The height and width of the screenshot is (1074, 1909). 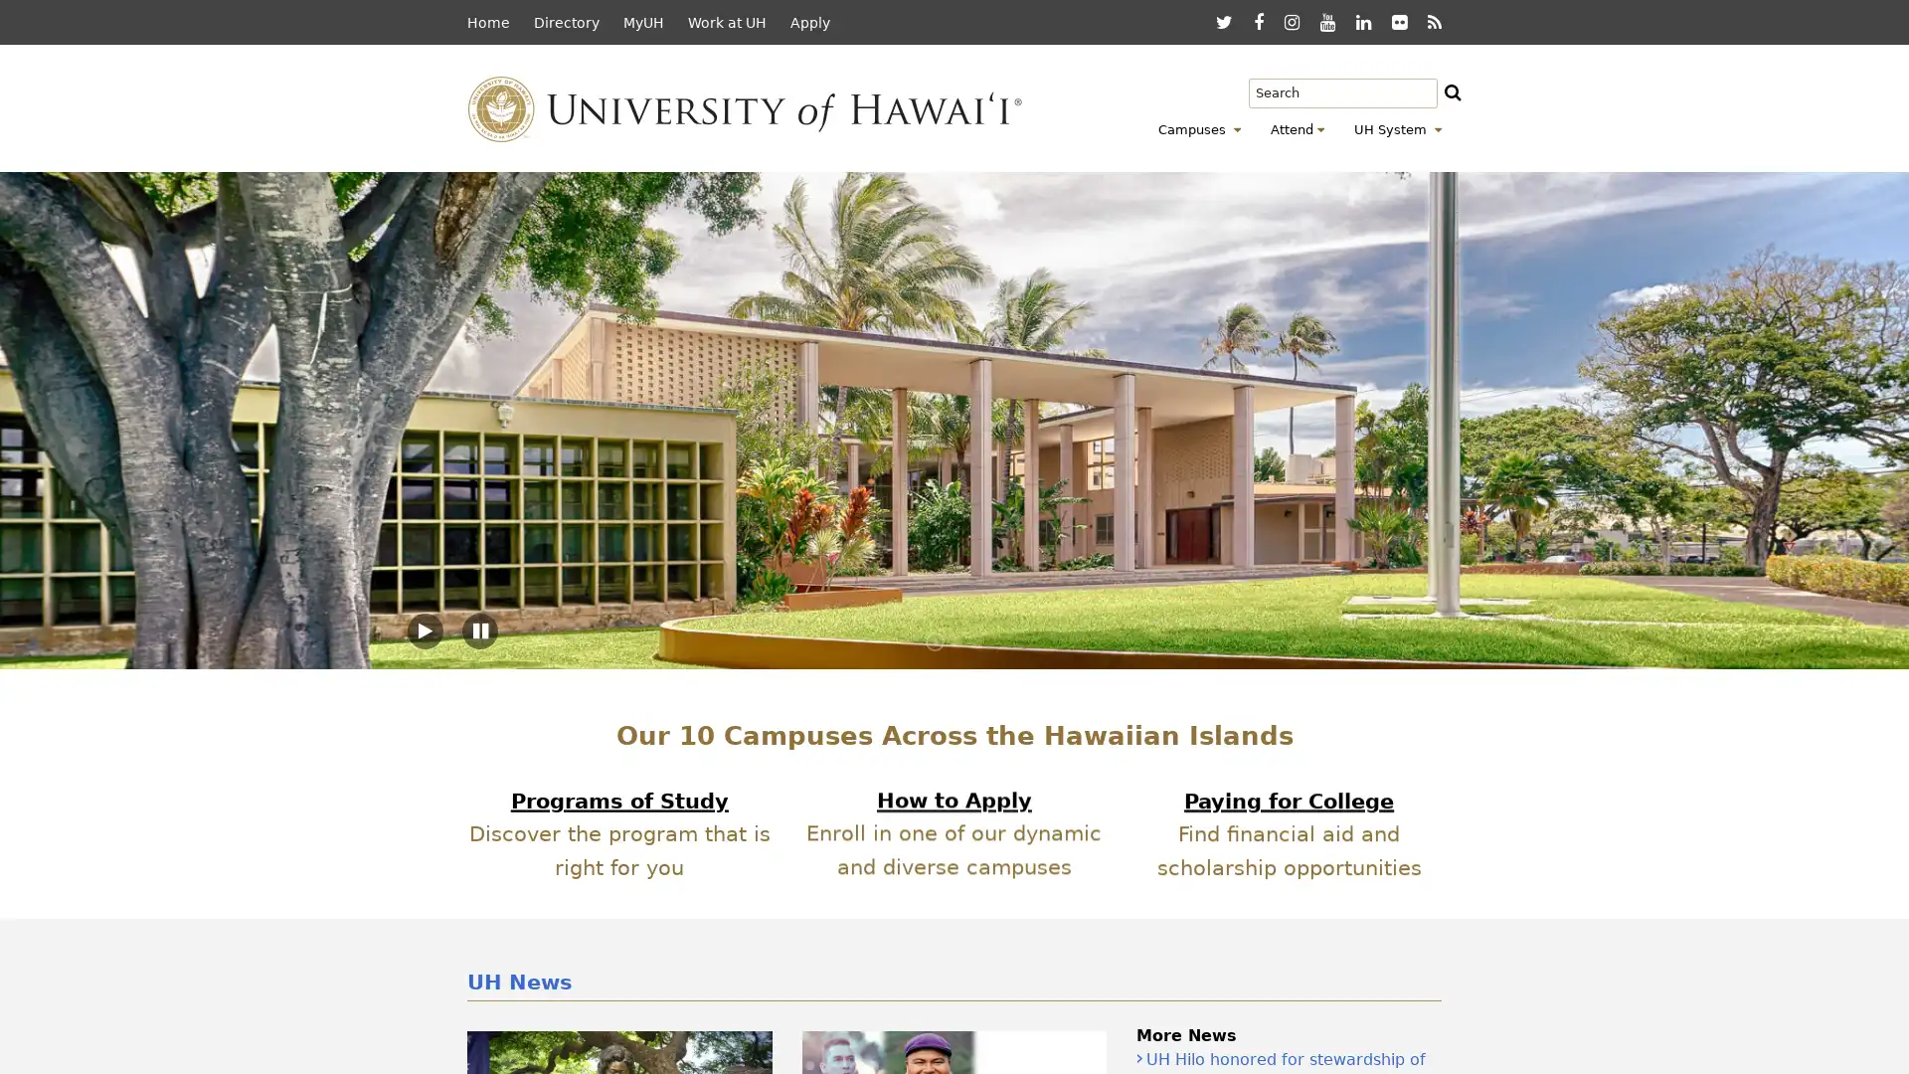 I want to click on go to slide number 3, so click(x=974, y=641).